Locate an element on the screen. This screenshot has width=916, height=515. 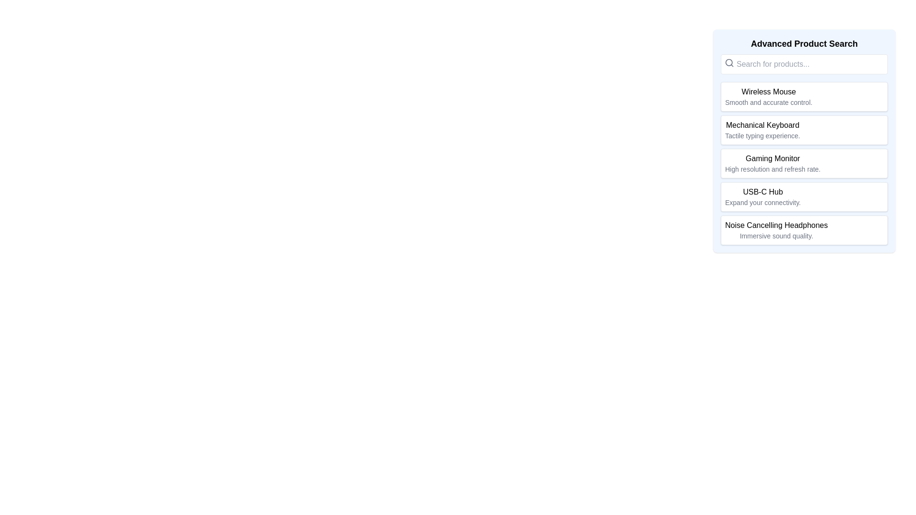
the 'Noise Cancelling Headphones' product card located at the bottom of the vertical list in the 'Advanced Product Search' panel is located at coordinates (803, 230).